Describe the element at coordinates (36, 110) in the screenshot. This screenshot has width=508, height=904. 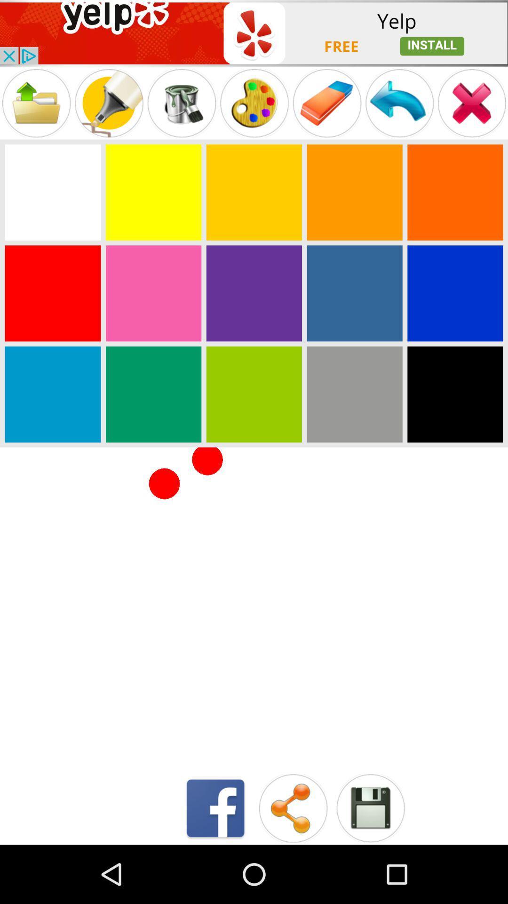
I see `the folder icon` at that location.